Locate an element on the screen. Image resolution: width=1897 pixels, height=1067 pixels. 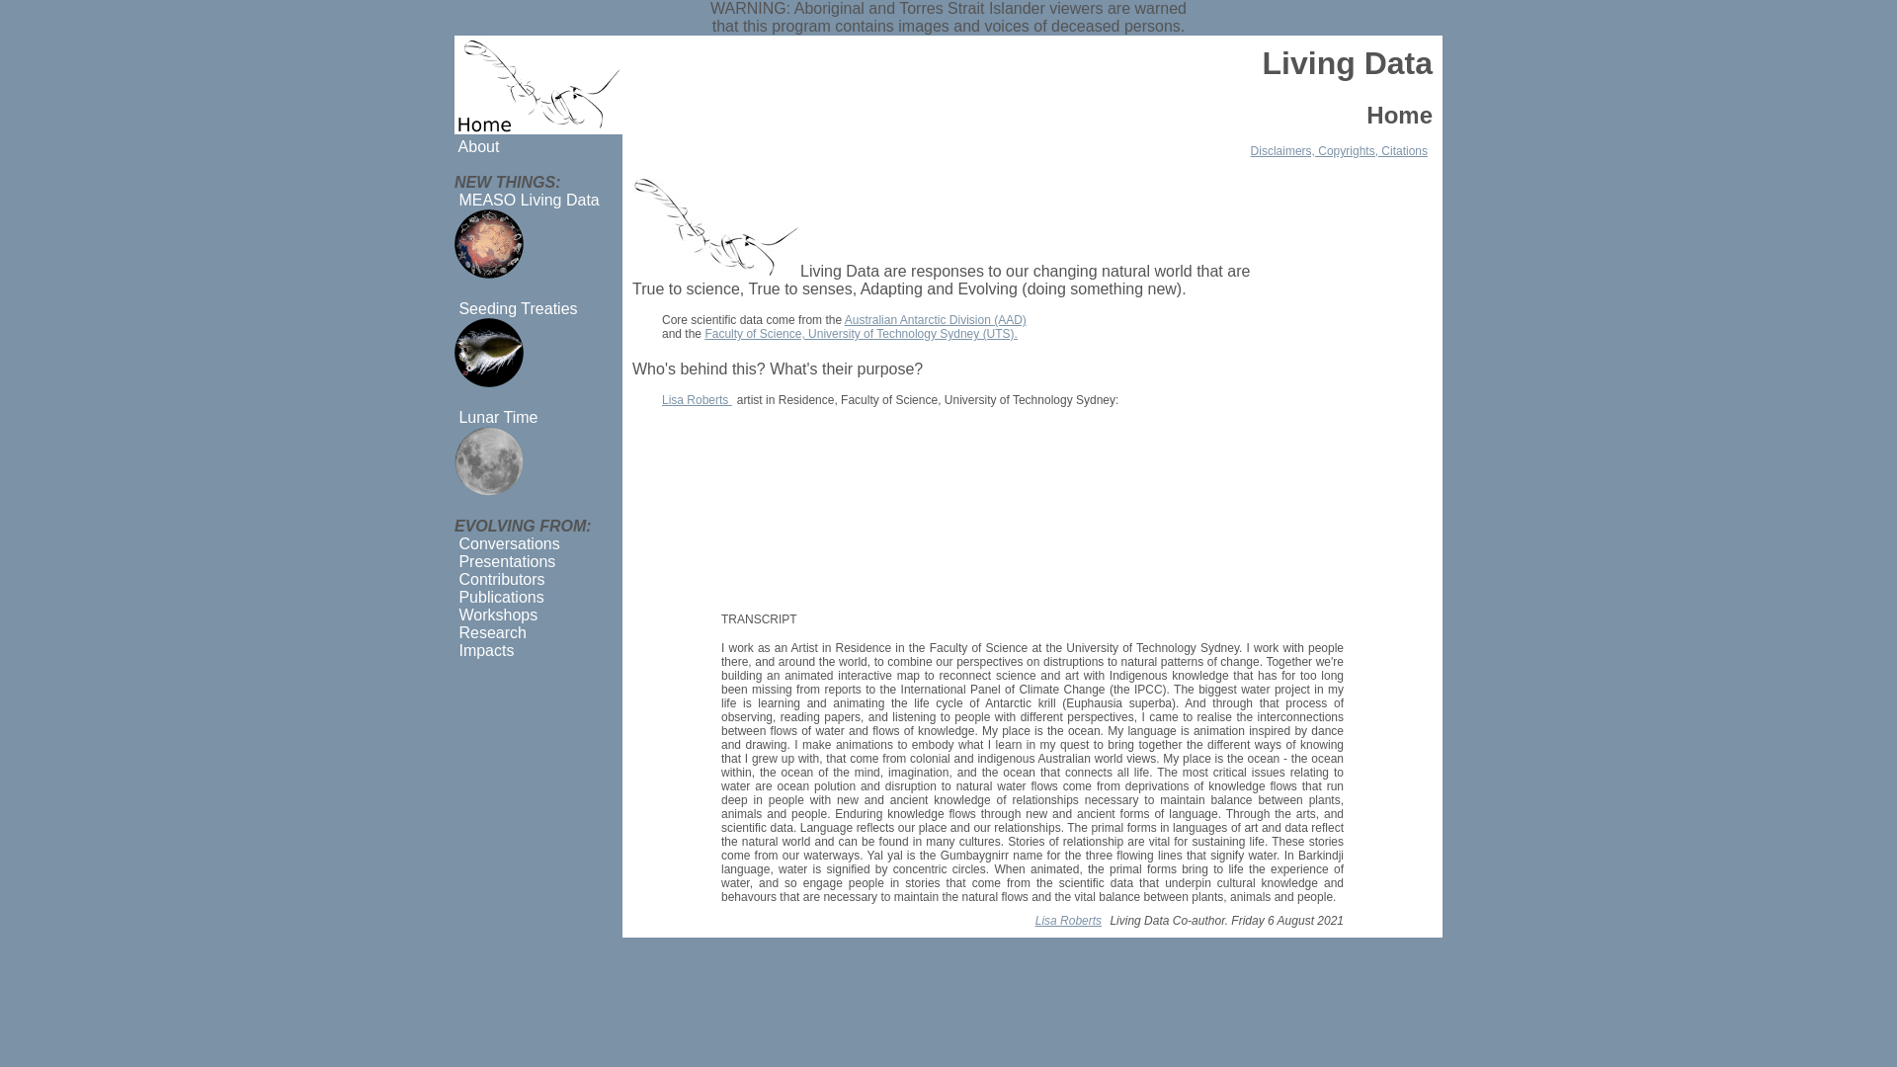
' Publications' is located at coordinates (499, 596).